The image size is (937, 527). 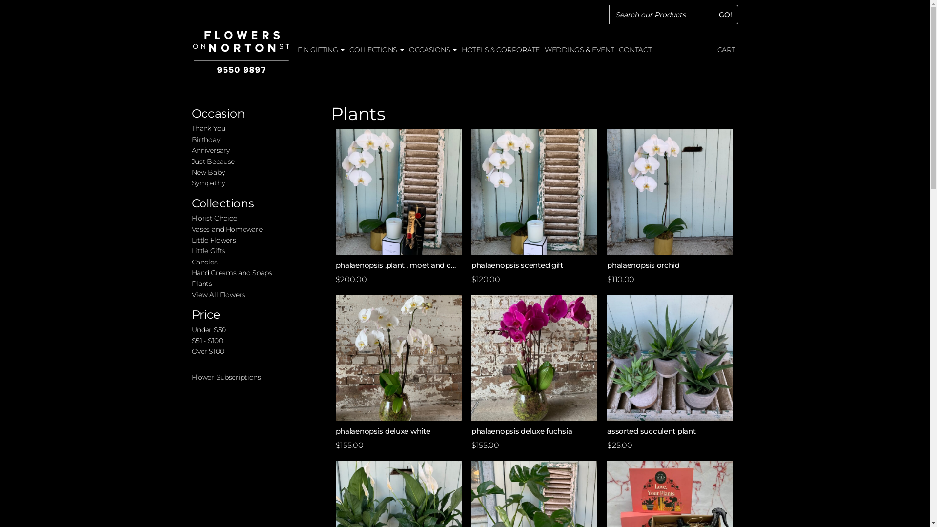 What do you see at coordinates (204, 261) in the screenshot?
I see `'Candles'` at bounding box center [204, 261].